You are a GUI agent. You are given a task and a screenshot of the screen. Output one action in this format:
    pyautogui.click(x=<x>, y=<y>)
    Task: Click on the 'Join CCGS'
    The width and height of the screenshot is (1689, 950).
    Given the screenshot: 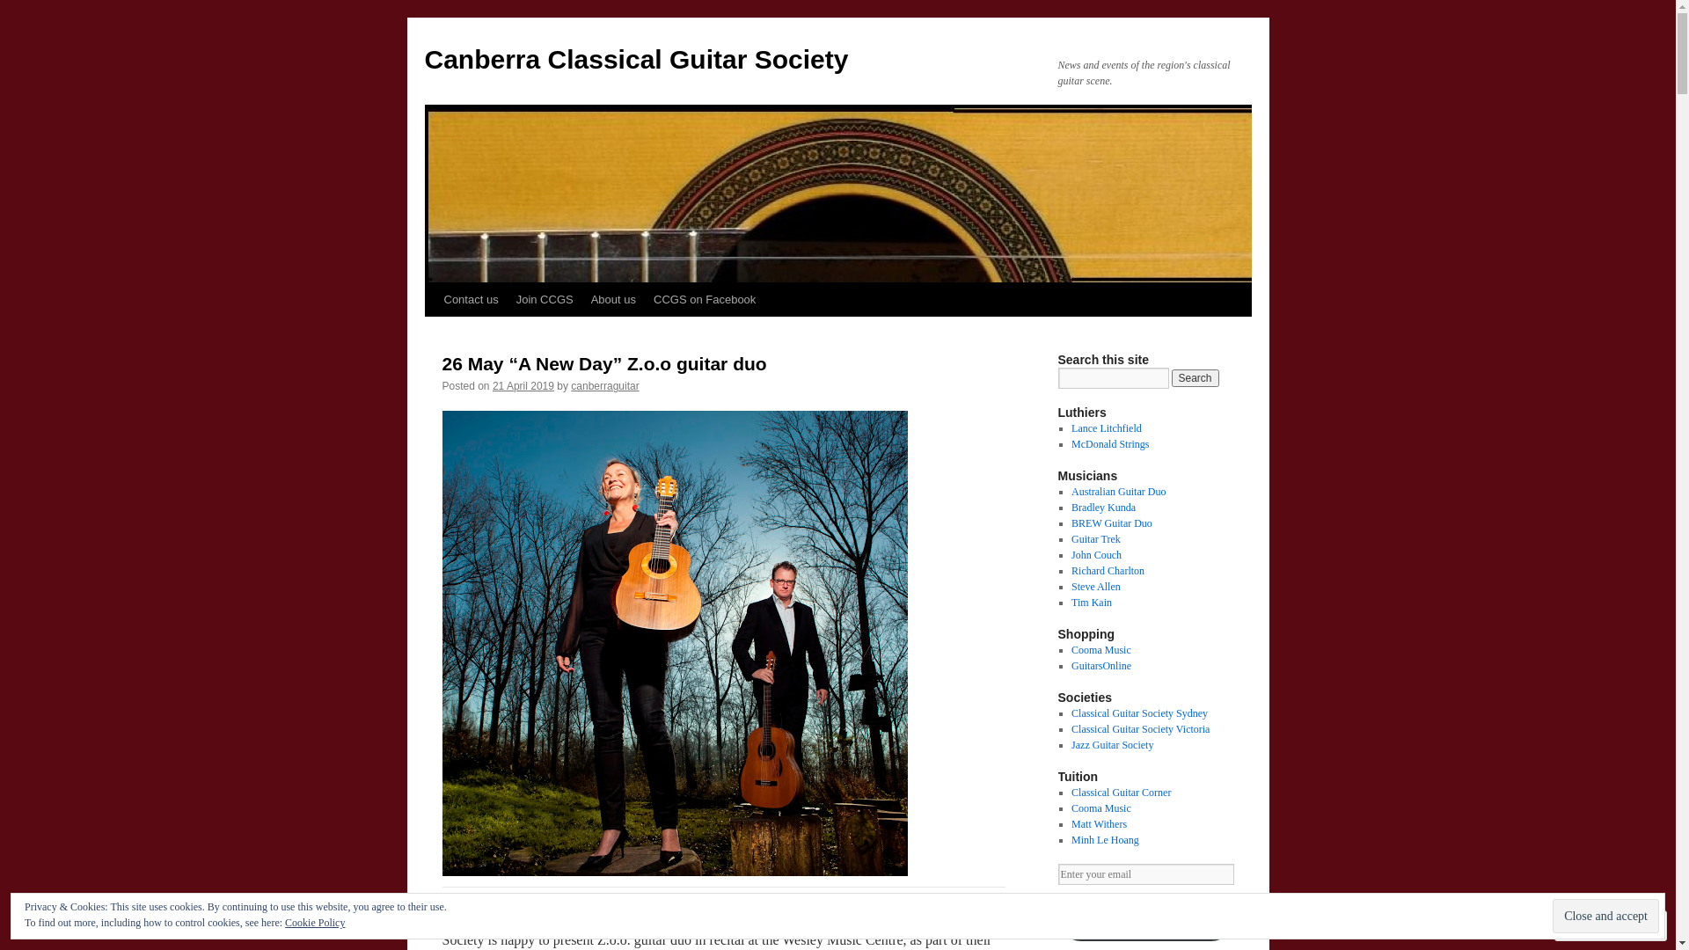 What is the action you would take?
    pyautogui.click(x=544, y=298)
    